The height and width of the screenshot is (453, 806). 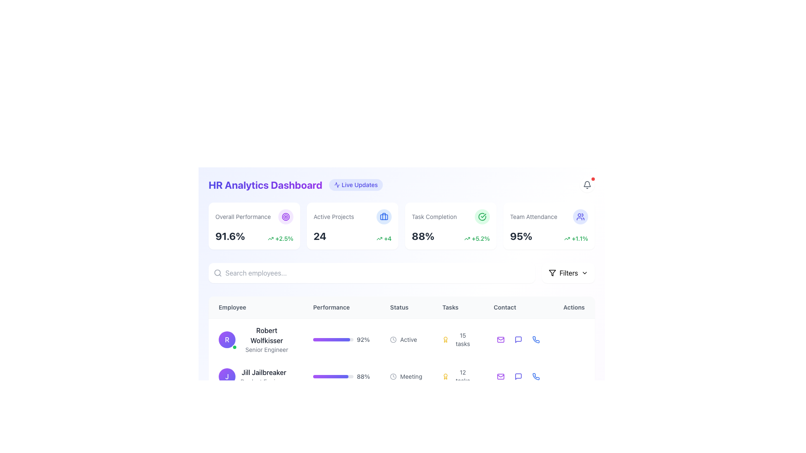 What do you see at coordinates (434, 216) in the screenshot?
I see `the text label displaying 'Task Completion' in a gray color, located in the top section of the dashboard, specifically within the third card from the left` at bounding box center [434, 216].